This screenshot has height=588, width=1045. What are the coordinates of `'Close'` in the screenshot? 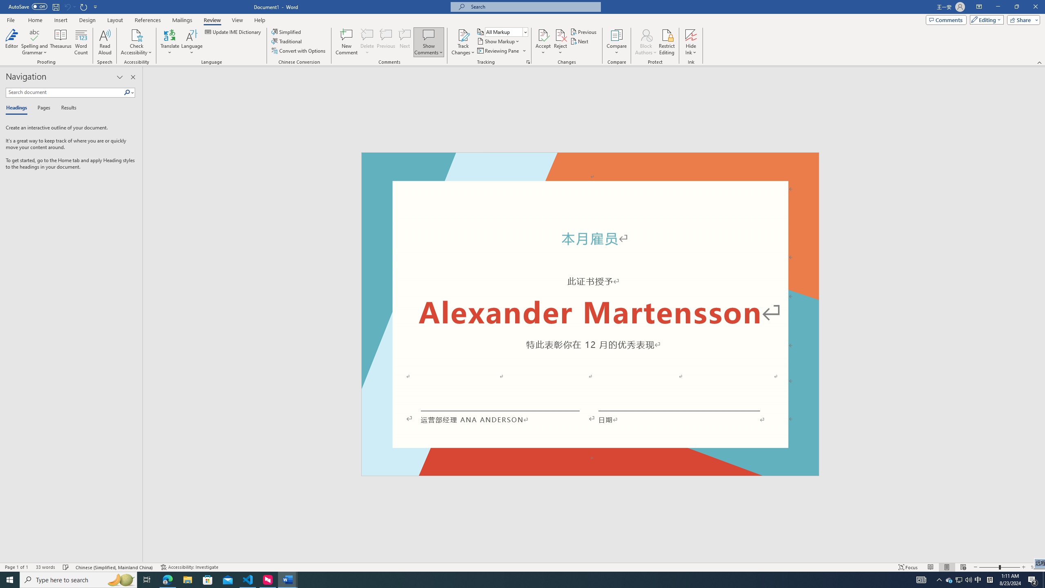 It's located at (1035, 7).